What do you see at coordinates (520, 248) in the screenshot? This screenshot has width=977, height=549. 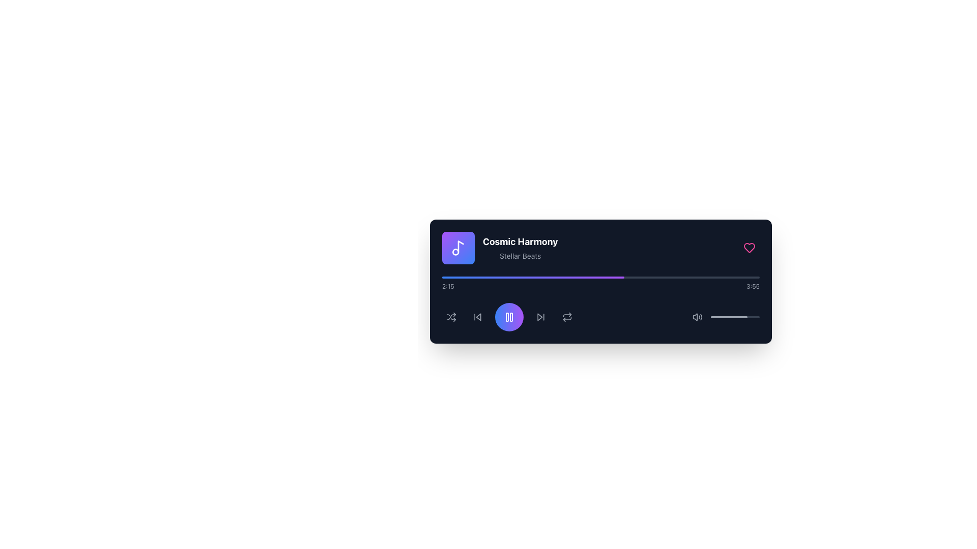 I see `text display that shows the currently playing track's title and artist, located on the right-hand side of the square music icon` at bounding box center [520, 248].